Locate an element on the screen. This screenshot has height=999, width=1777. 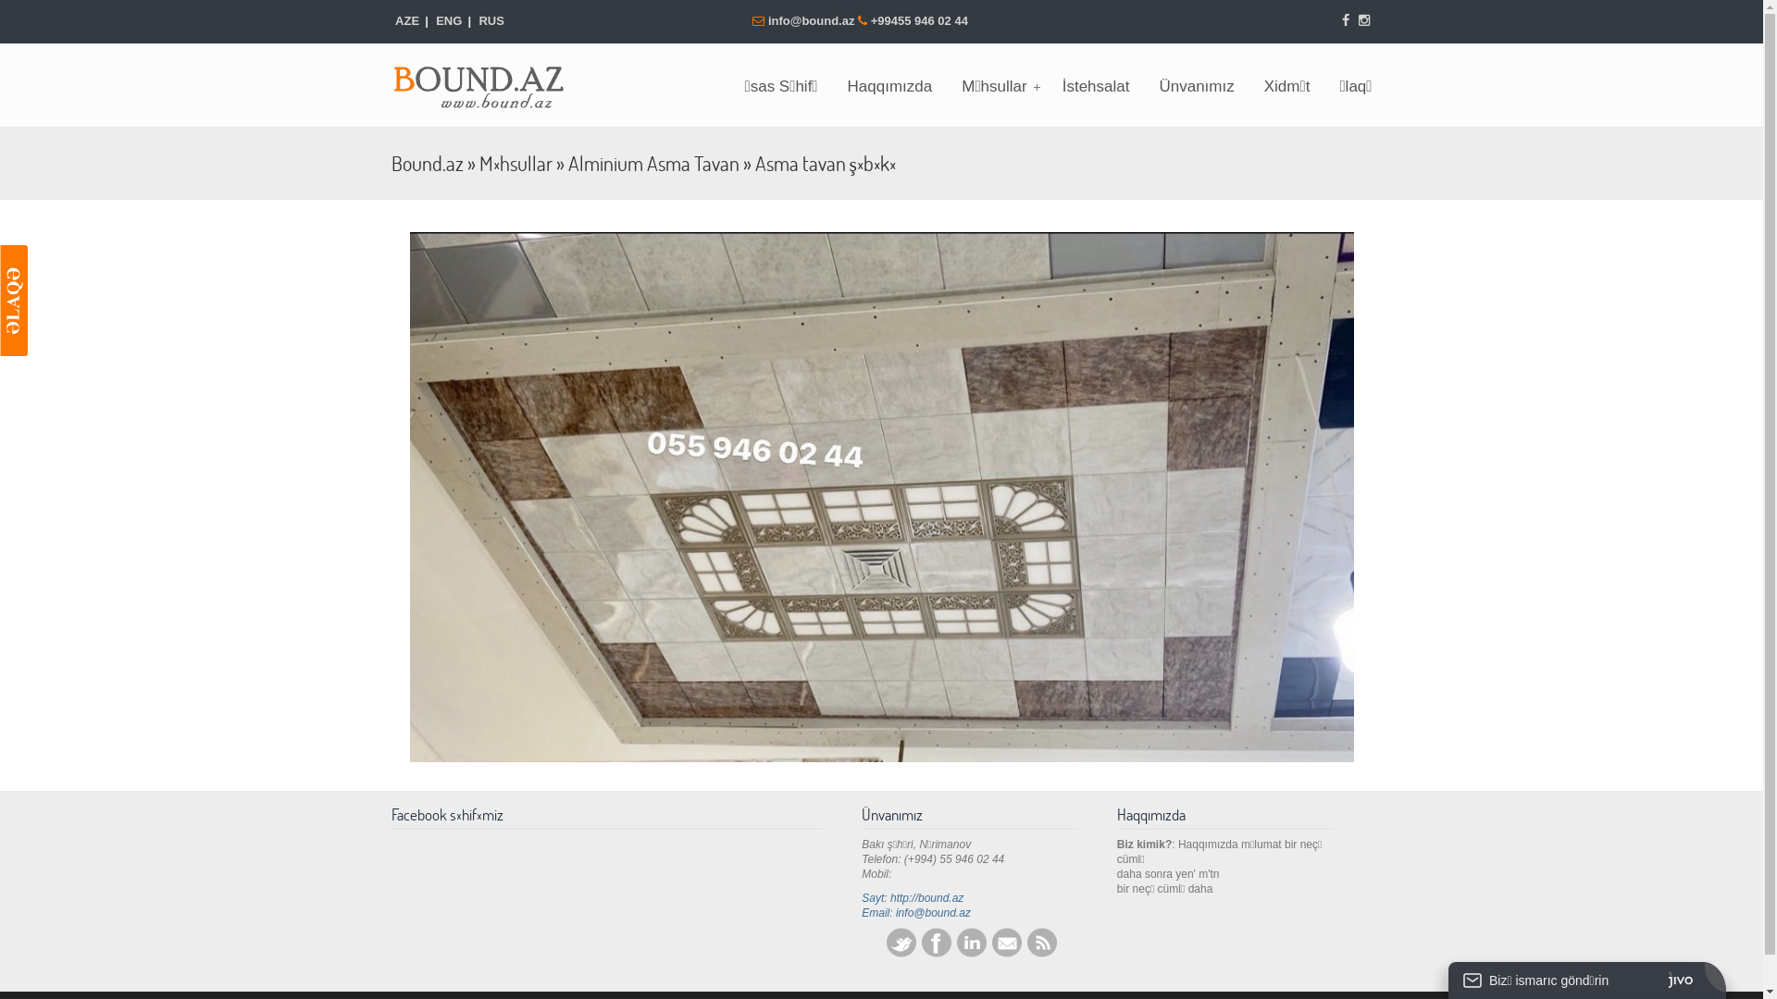
'LinkedIn' is located at coordinates (956, 953).